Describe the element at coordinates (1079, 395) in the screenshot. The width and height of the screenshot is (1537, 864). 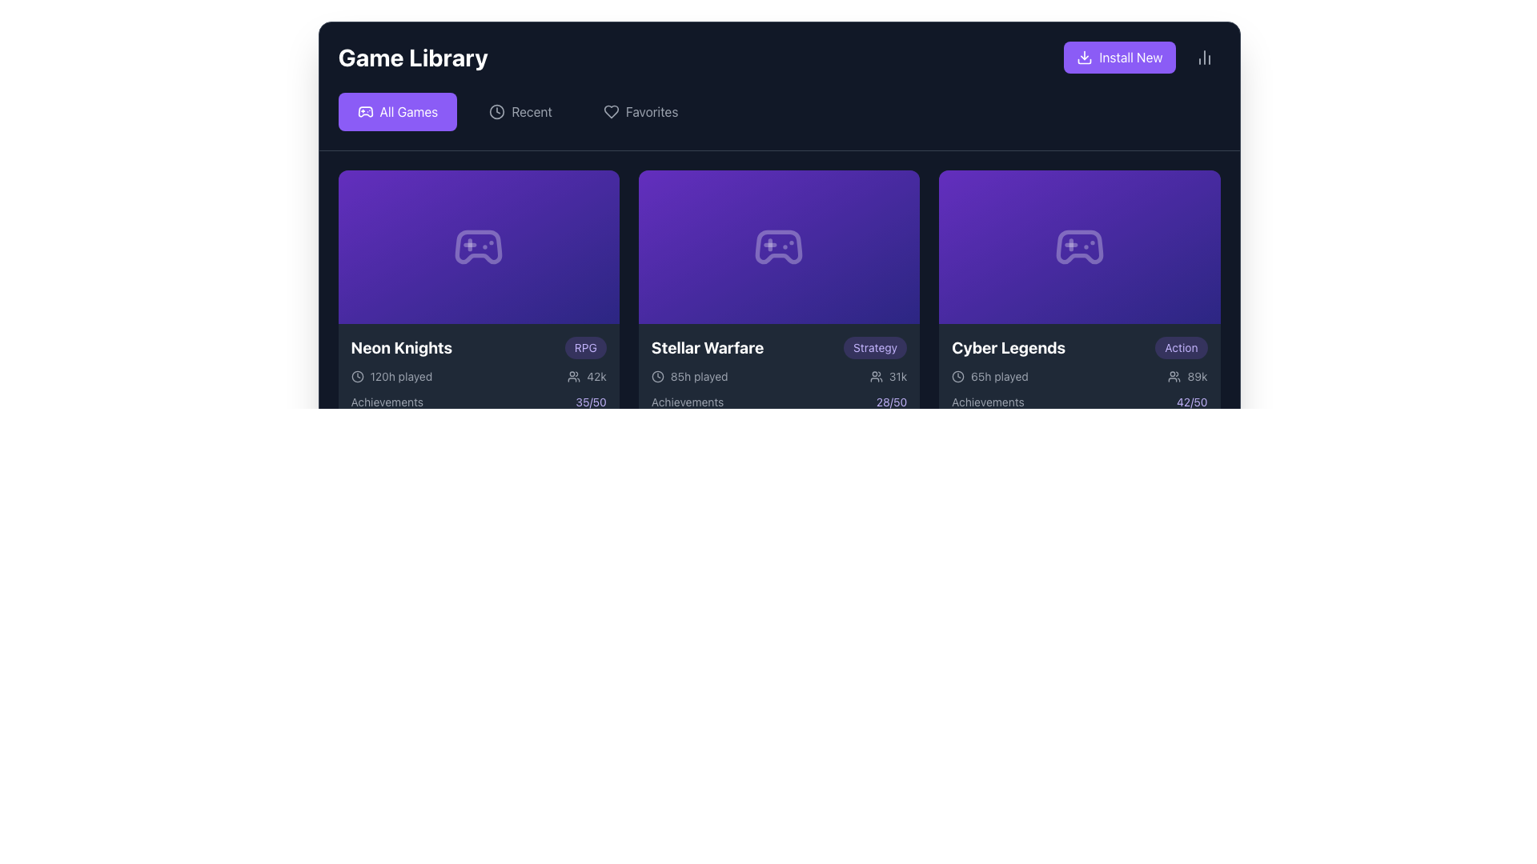
I see `the sub-elements of the Informational panel with progress bar and statistics for the game 'Cyber Legends'` at that location.